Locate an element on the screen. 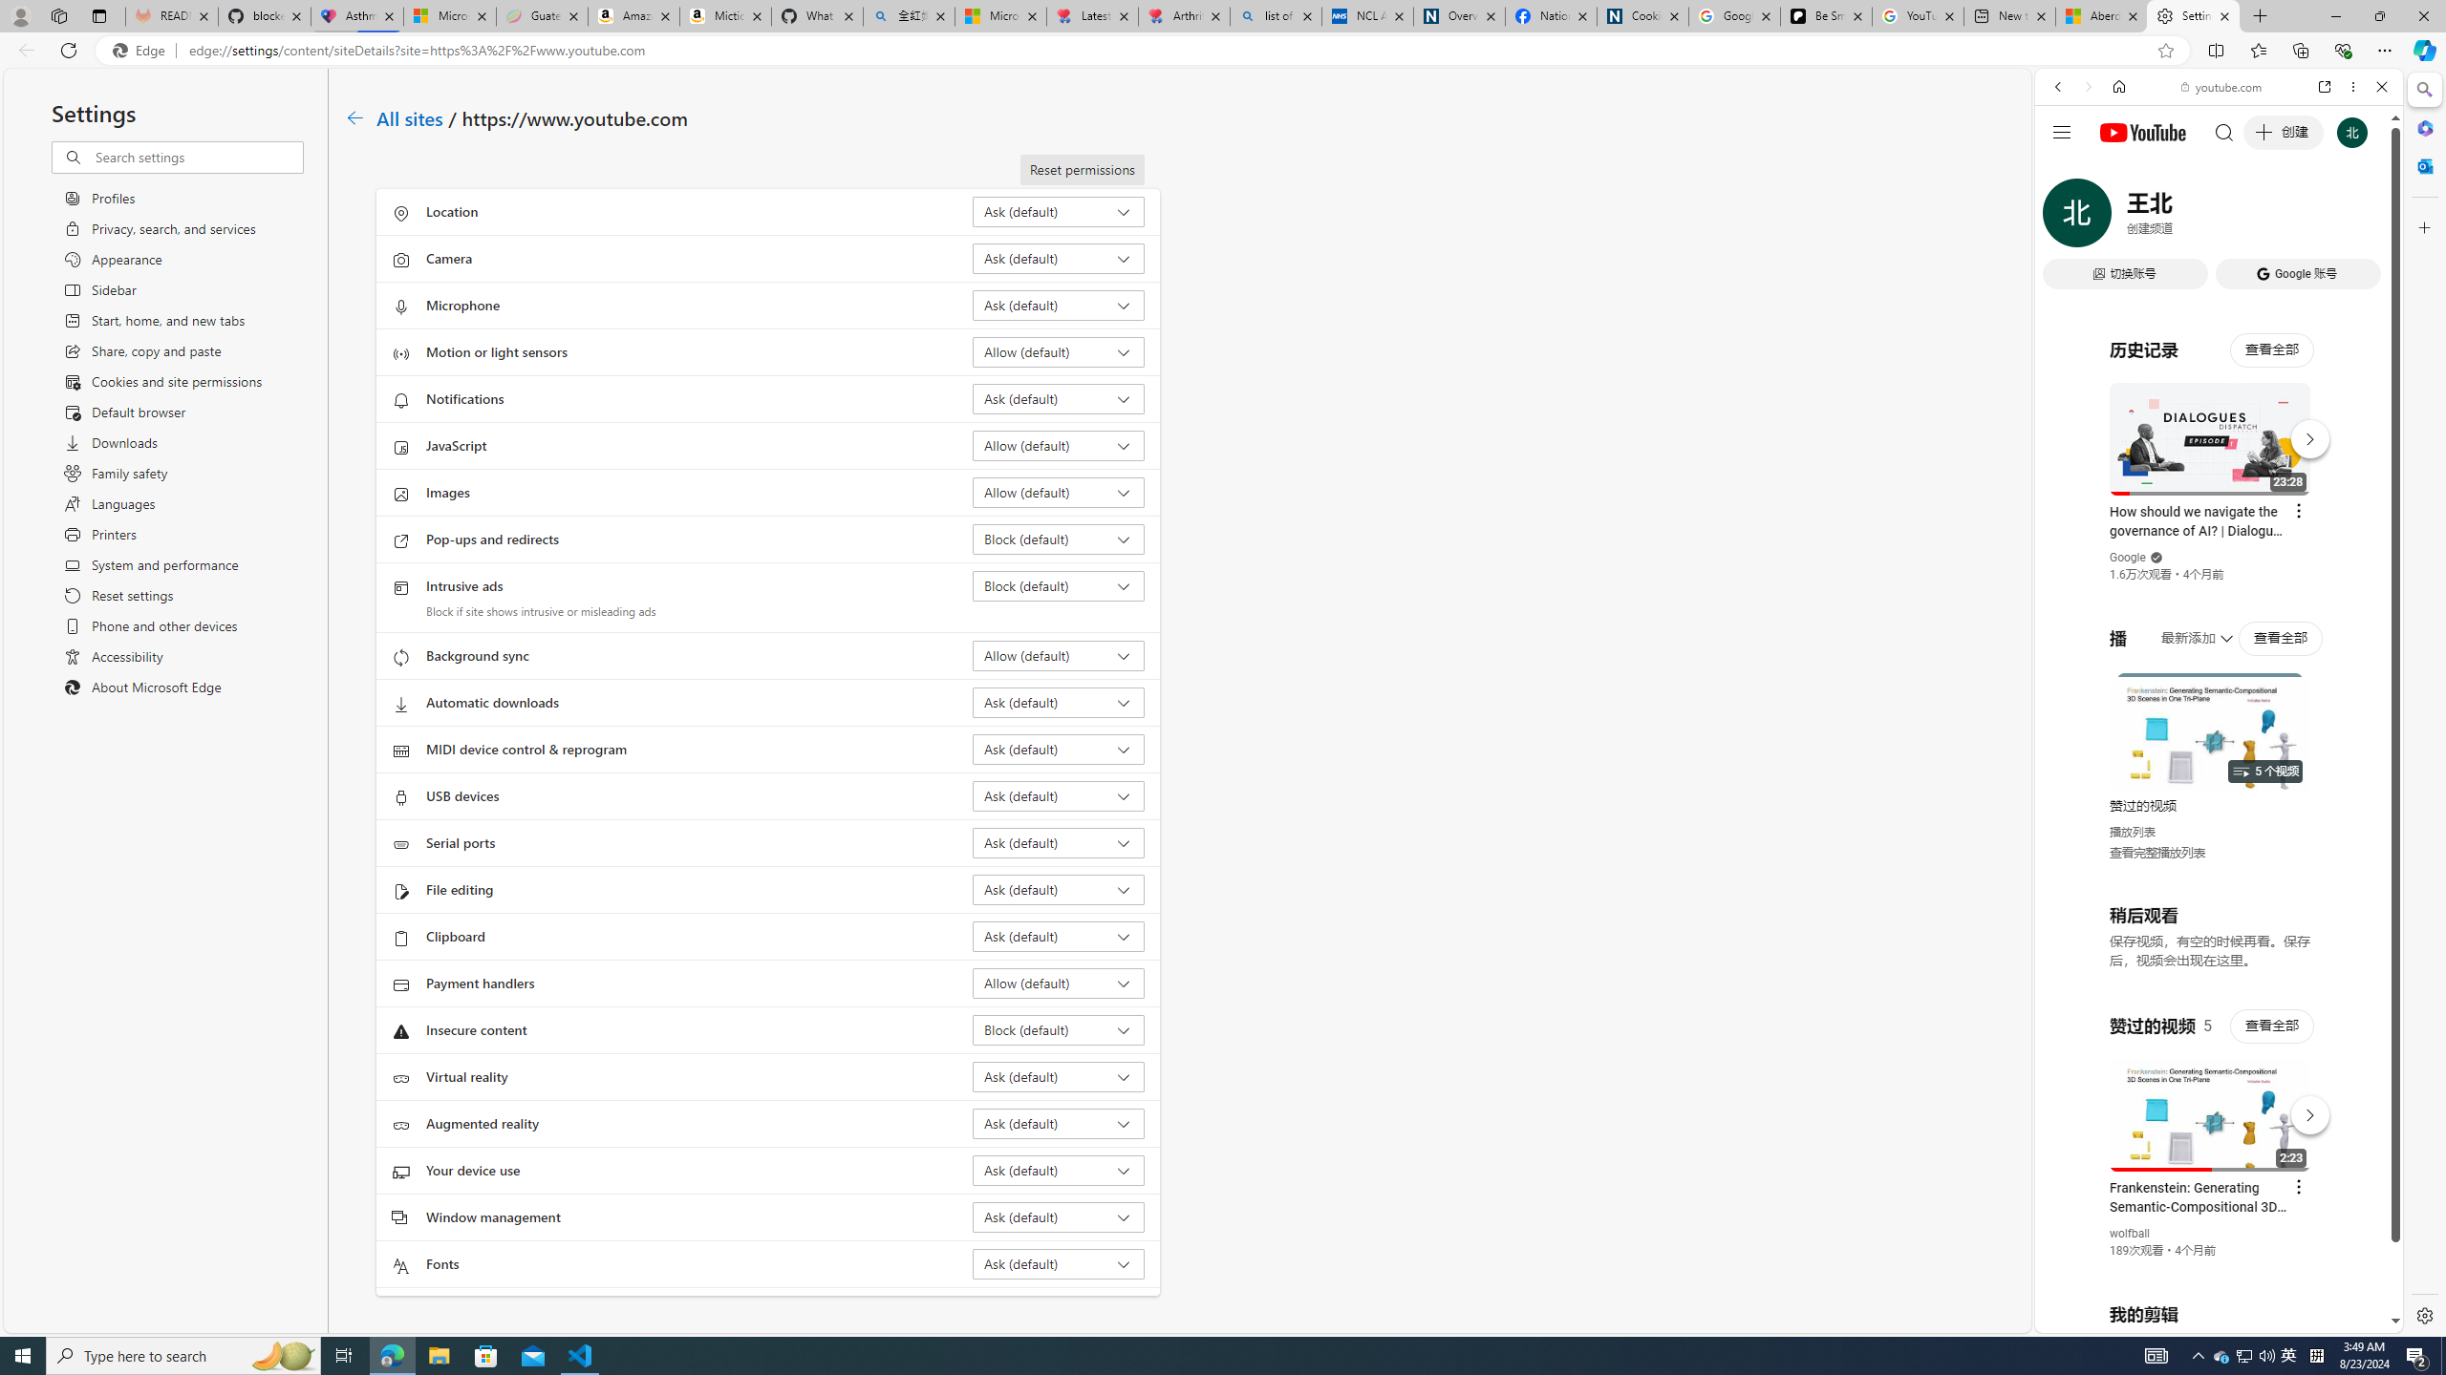  'youtube.com' is located at coordinates (2221, 87).